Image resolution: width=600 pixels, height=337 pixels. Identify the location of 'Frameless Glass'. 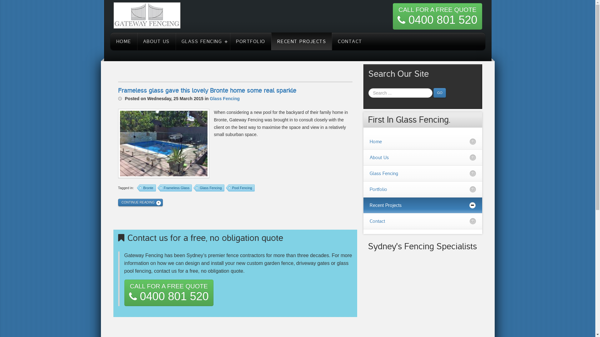
(157, 188).